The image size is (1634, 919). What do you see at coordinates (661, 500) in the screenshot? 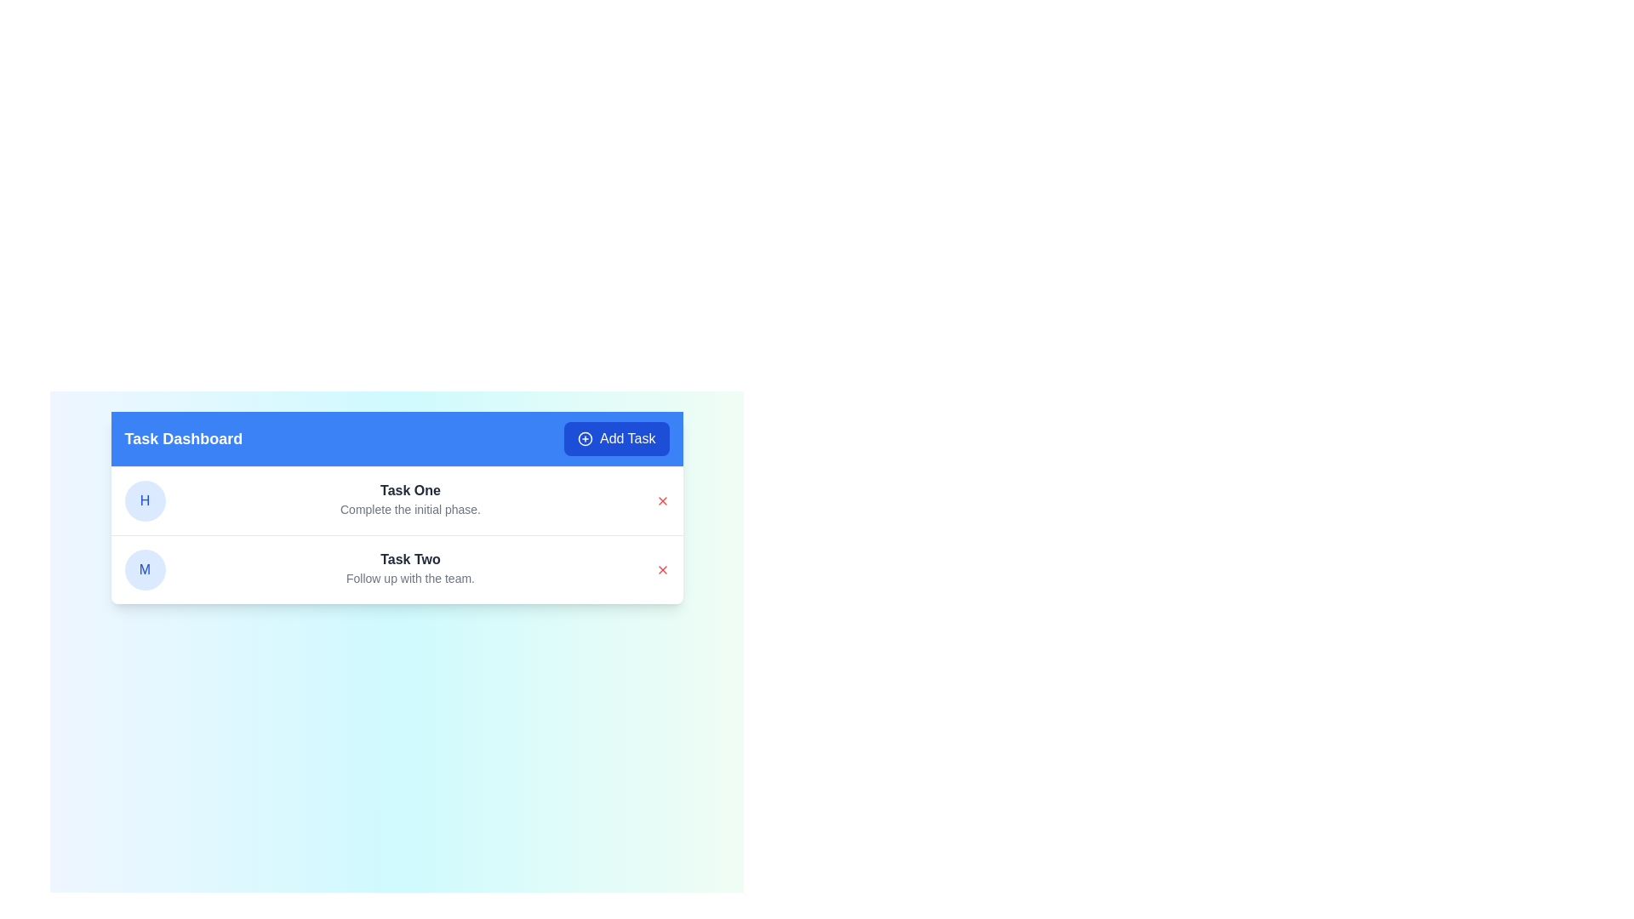
I see `the small red 'X' close button located on the right side of the task representation for 'Task One' to trigger its hover effect` at bounding box center [661, 500].